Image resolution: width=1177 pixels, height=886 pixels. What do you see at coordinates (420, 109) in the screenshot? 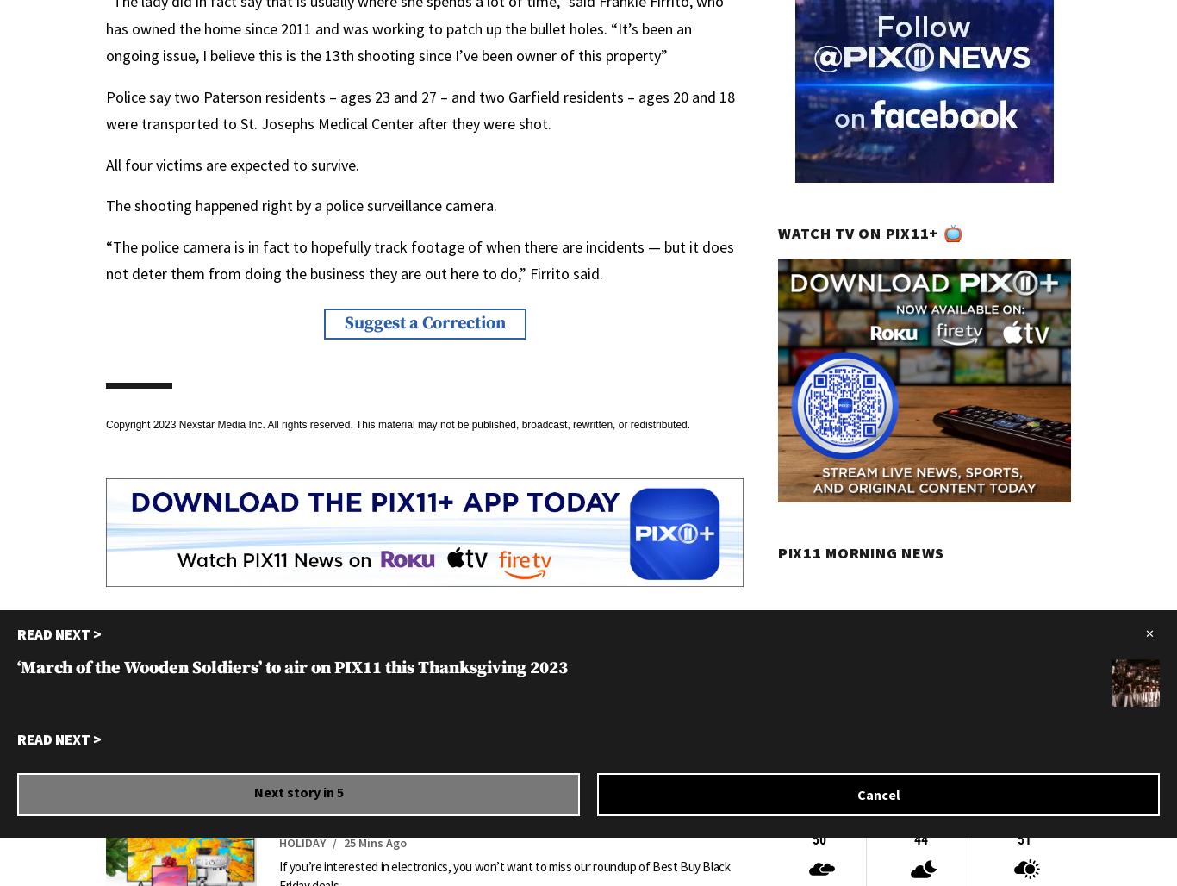
I see `'Police say two Paterson residents – ages 23 and 27 – and two Garfield residents – ages 20 and 18 were transported to St. Josephs Medical Center after they were shot.'` at bounding box center [420, 109].